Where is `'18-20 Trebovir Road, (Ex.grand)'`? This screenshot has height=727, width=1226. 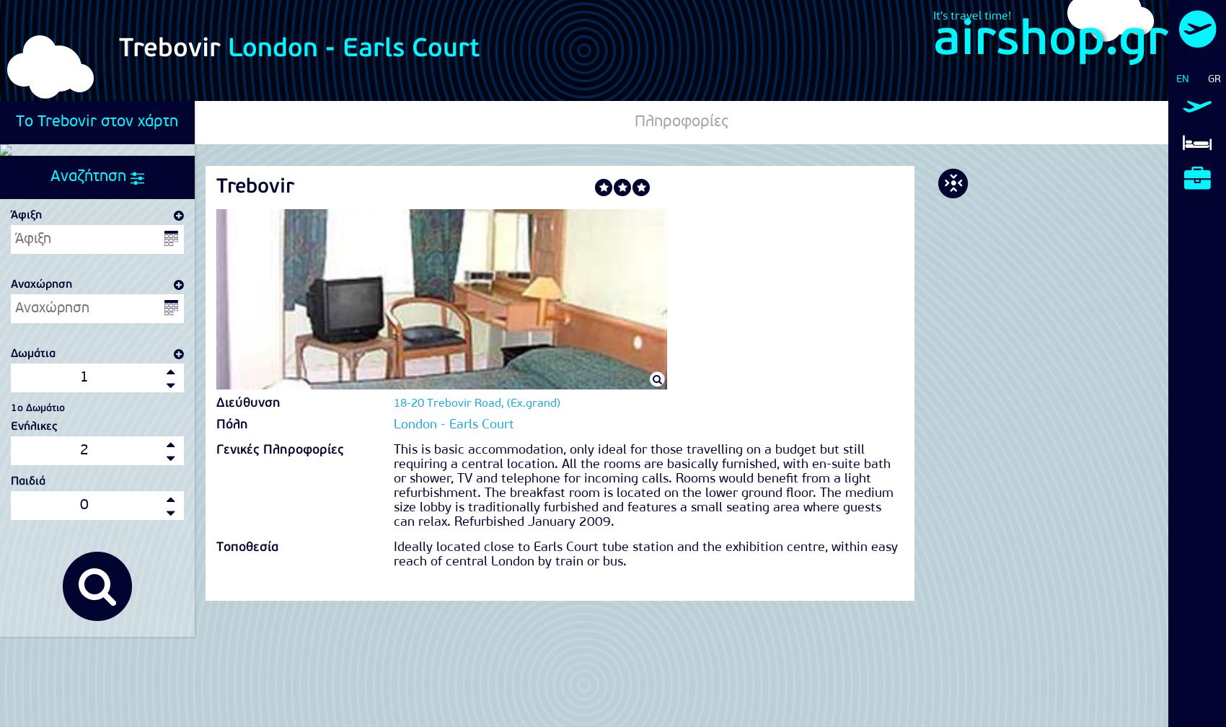 '18-20 Trebovir Road, (Ex.grand)' is located at coordinates (476, 404).